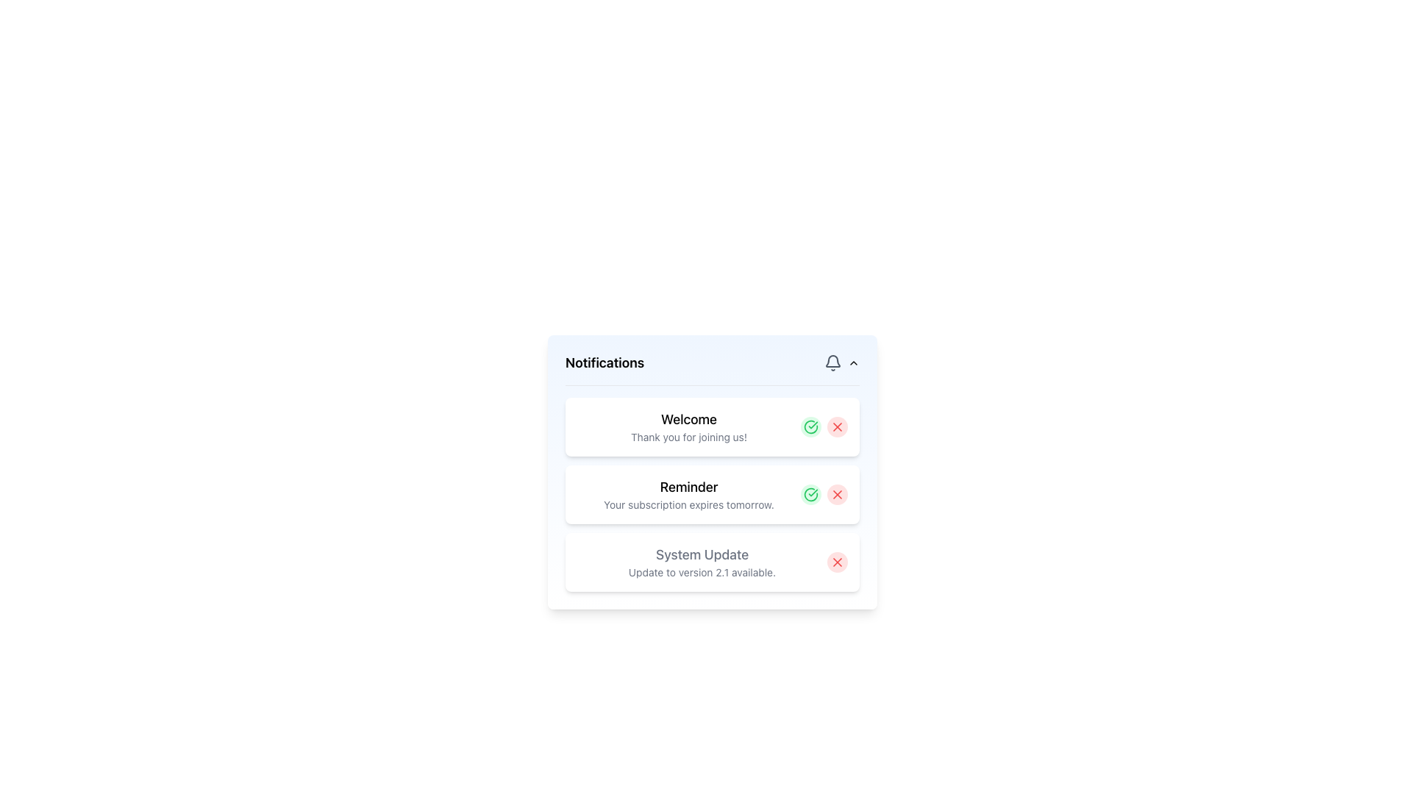 Image resolution: width=1412 pixels, height=794 pixels. What do you see at coordinates (842, 362) in the screenshot?
I see `the interactive control with an icon and a dropdown toggle located in the top-right corner of the 'Notifications' panel` at bounding box center [842, 362].